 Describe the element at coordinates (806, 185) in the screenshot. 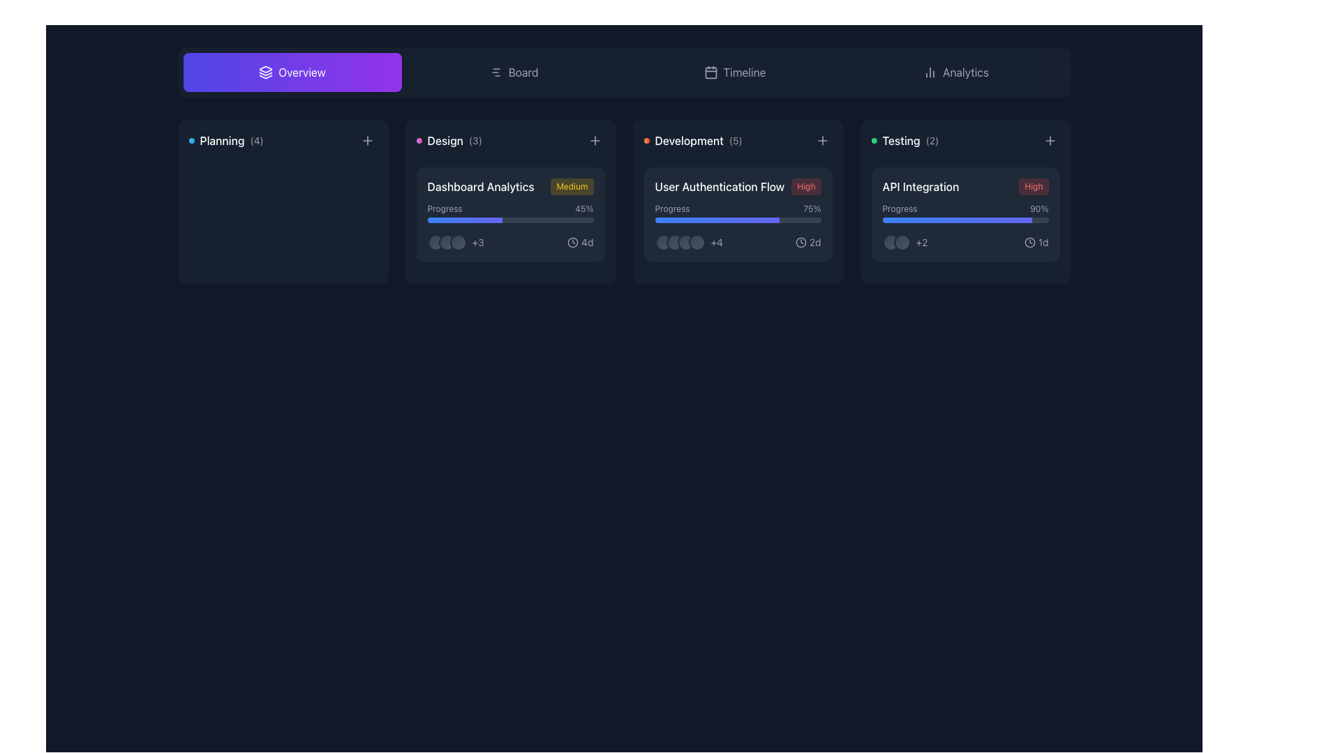

I see `the 'High' label, which is a small rectangular label with rounded corners and a semi-transparent red background, located to the right of the 'User Authentication Flow' text within the 'Development' card` at that location.